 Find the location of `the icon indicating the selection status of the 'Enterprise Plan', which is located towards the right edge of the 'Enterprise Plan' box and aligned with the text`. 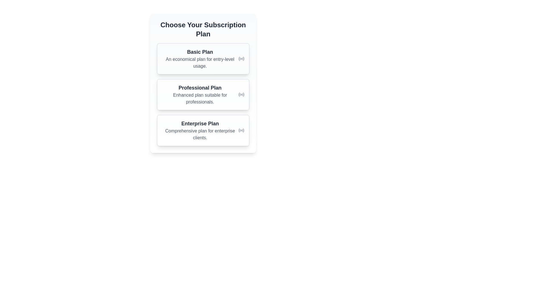

the icon indicating the selection status of the 'Enterprise Plan', which is located towards the right edge of the 'Enterprise Plan' box and aligned with the text is located at coordinates (241, 130).